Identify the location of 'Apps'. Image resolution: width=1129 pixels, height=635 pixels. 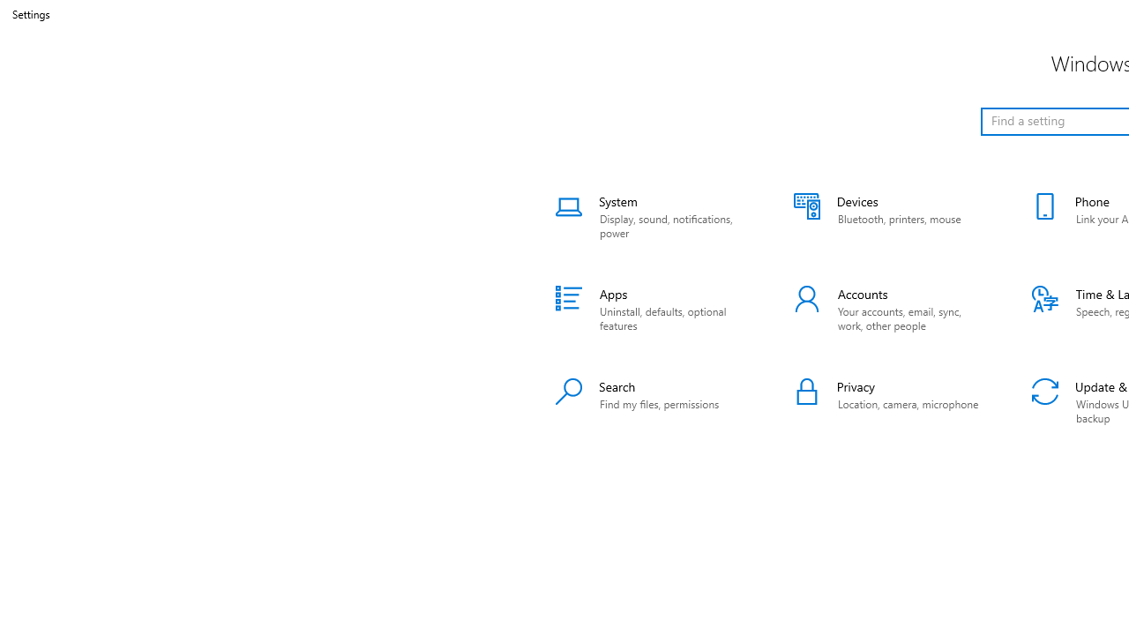
(651, 309).